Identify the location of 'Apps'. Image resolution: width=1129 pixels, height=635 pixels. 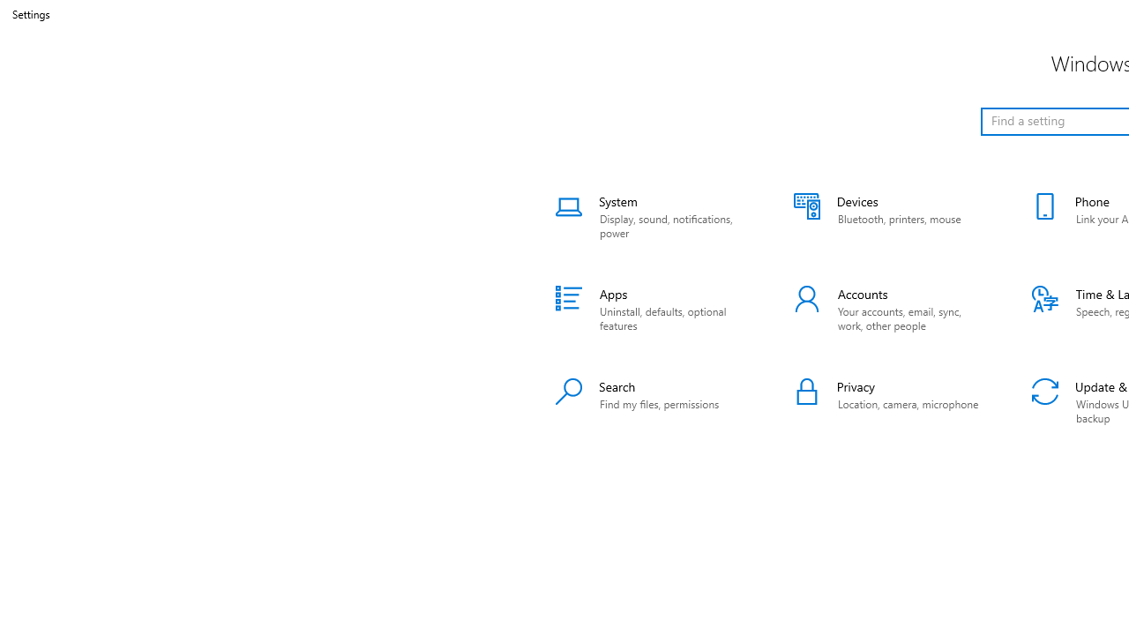
(651, 309).